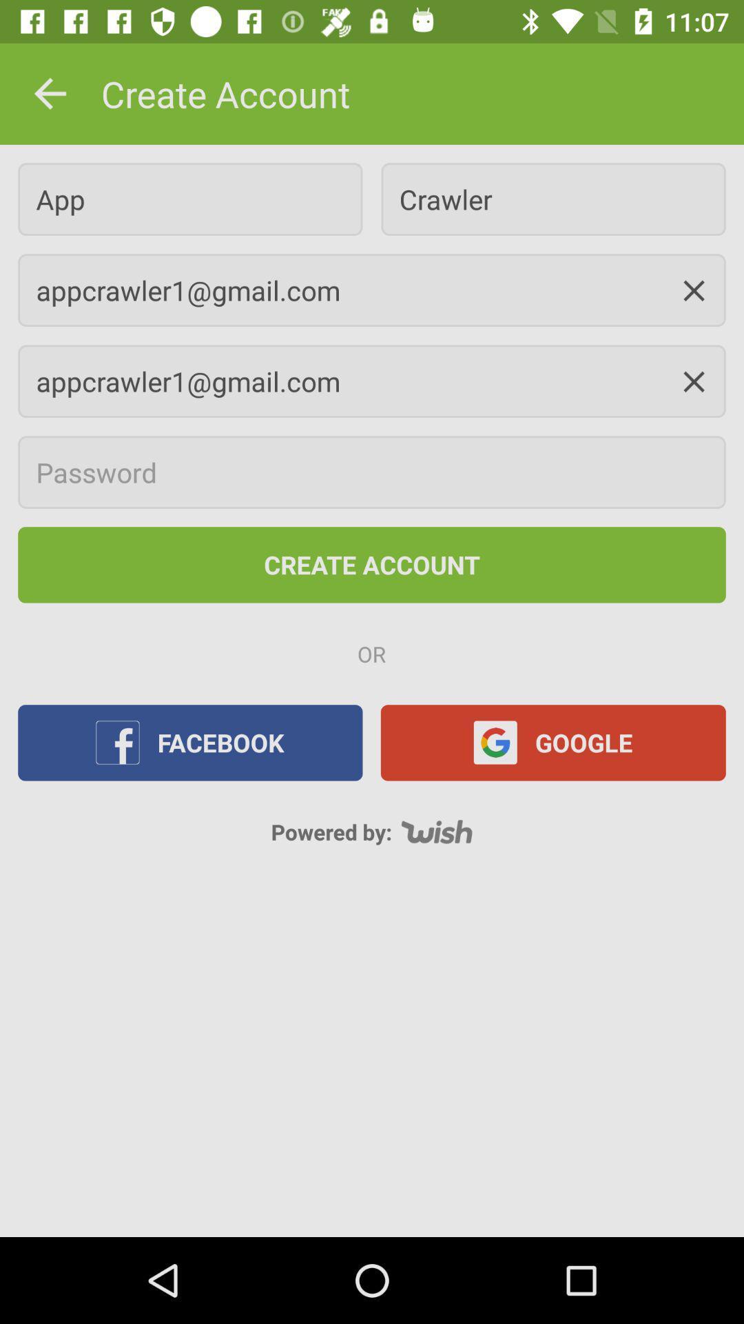  I want to click on crawler, so click(552, 198).